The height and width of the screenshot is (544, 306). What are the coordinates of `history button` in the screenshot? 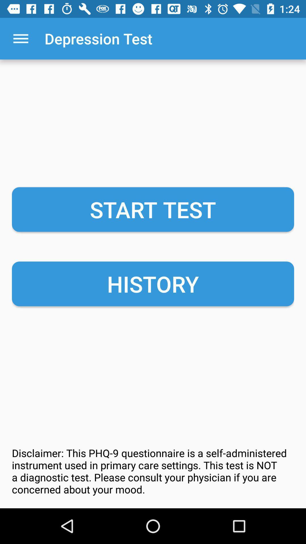 It's located at (153, 284).